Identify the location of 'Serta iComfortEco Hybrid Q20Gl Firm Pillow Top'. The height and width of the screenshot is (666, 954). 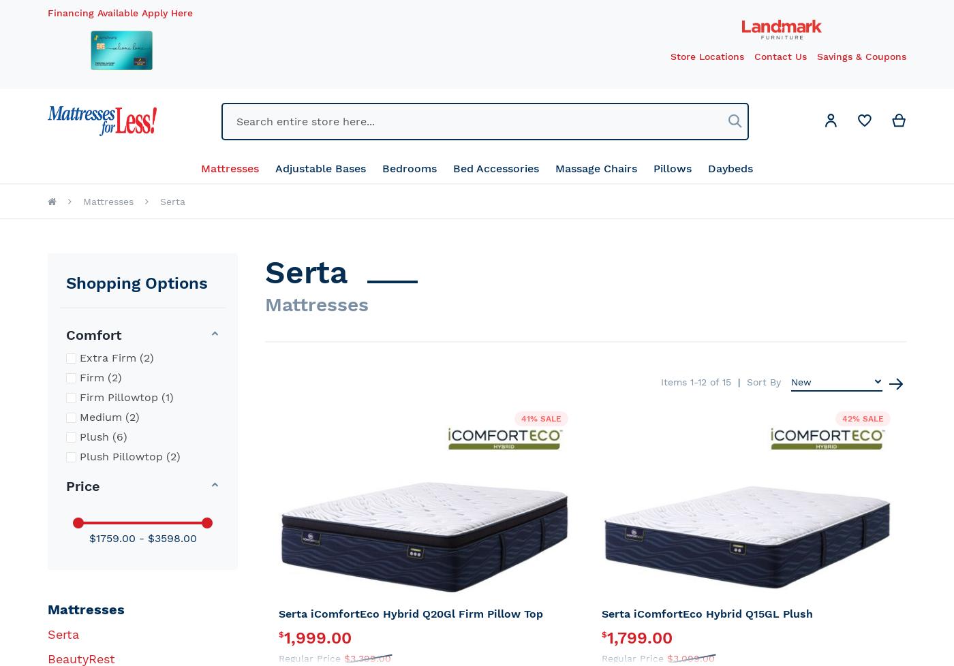
(410, 613).